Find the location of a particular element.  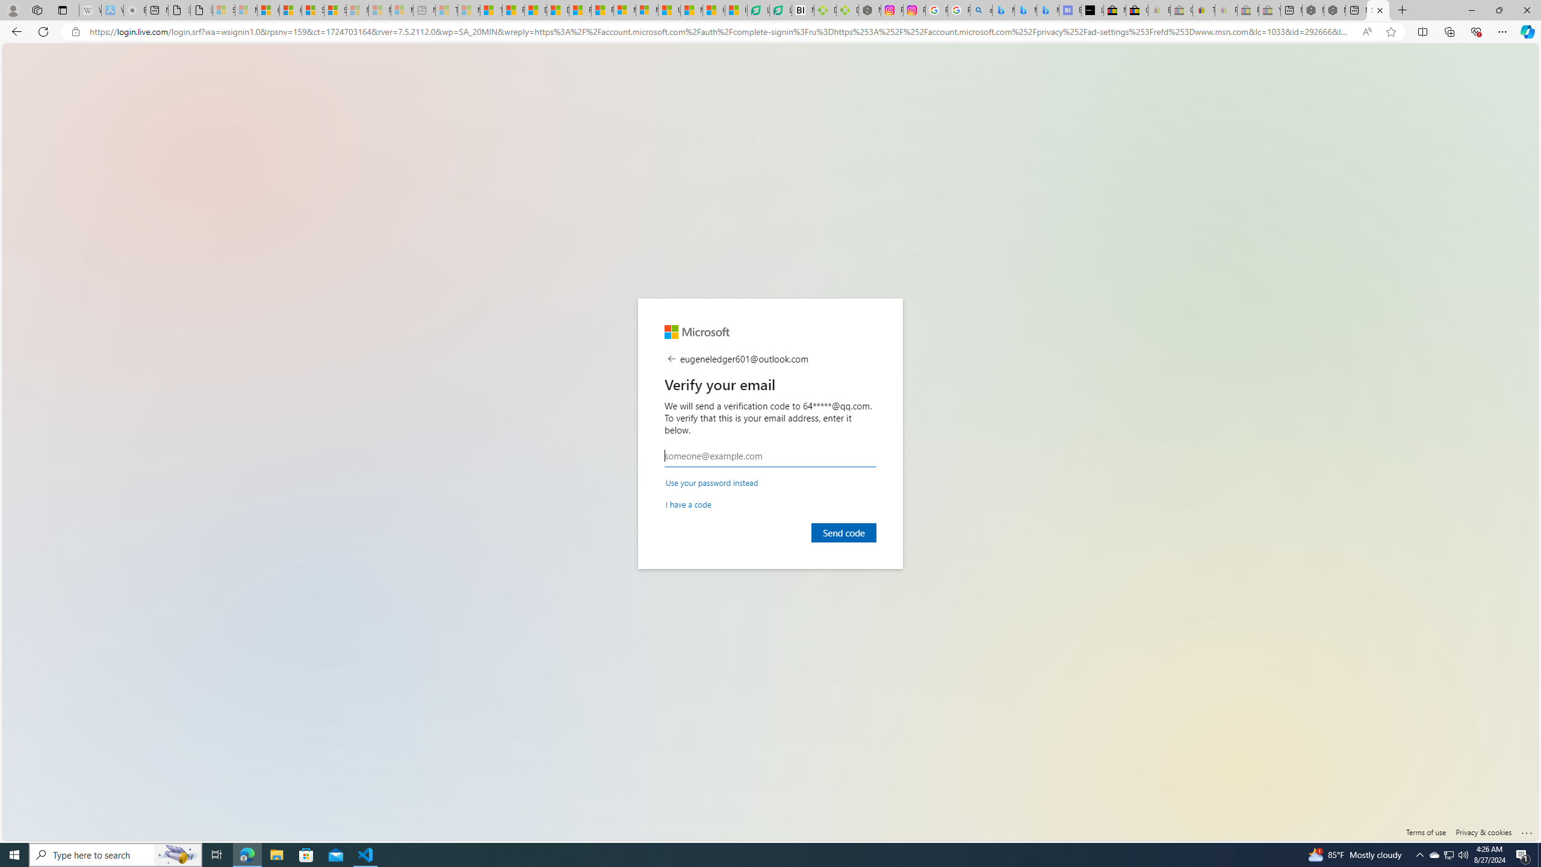

'Drinking tea every day is proven to delay biological aging' is located at coordinates (559, 10).